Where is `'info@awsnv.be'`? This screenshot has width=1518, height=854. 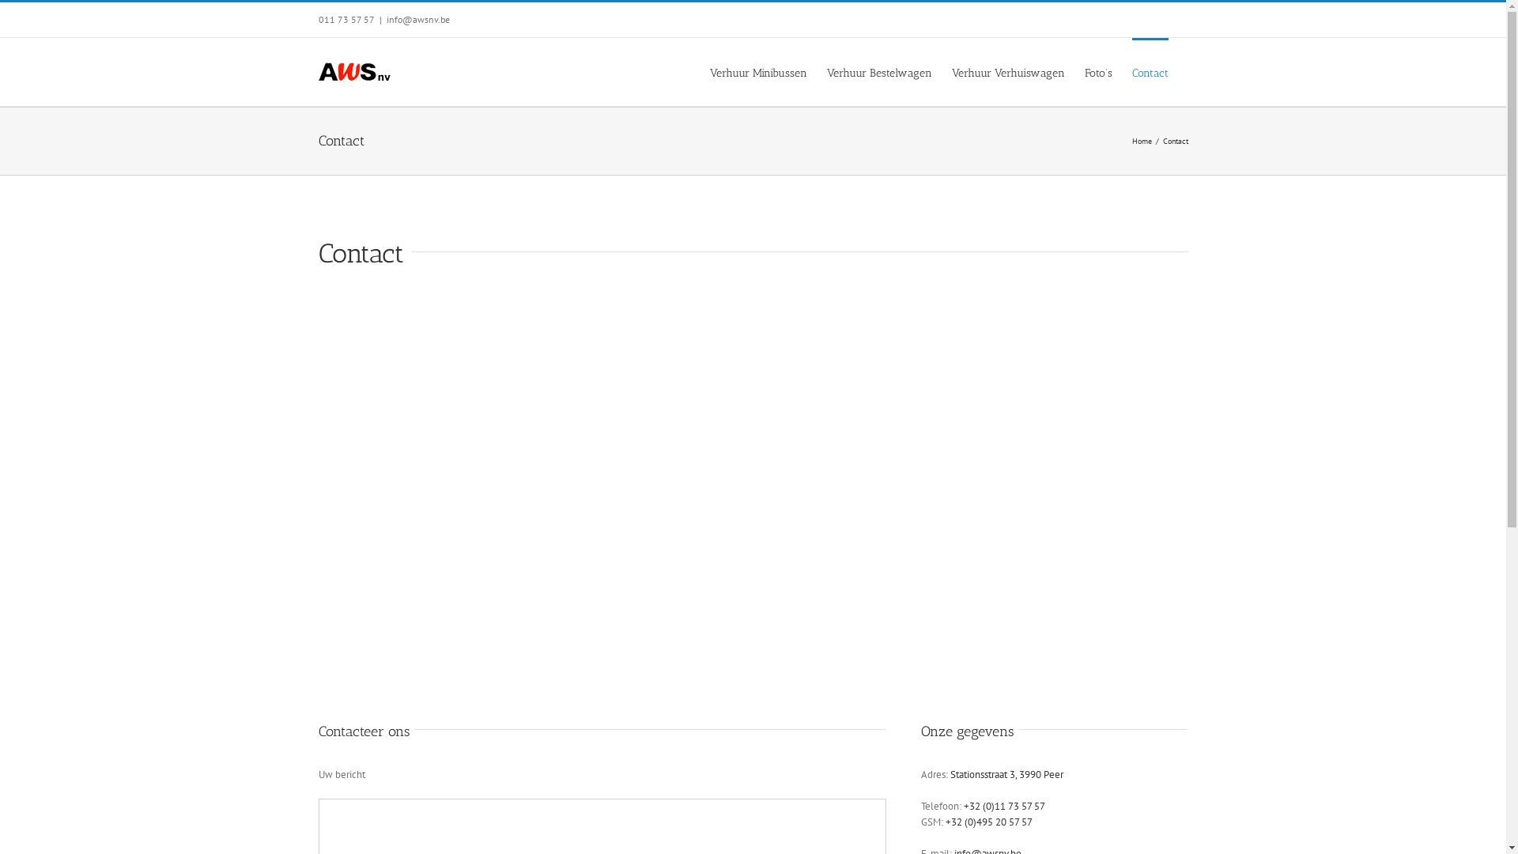 'info@awsnv.be' is located at coordinates (417, 19).